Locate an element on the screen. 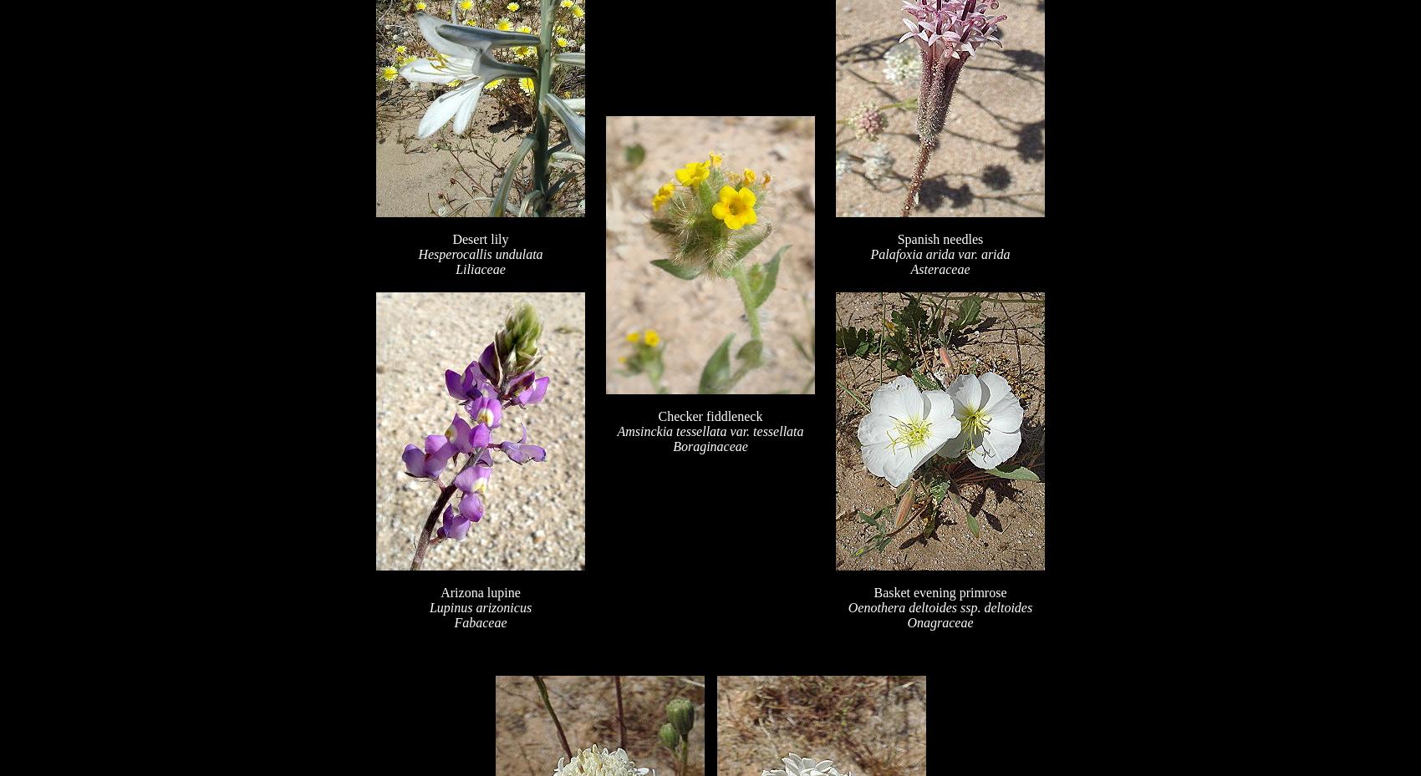 The width and height of the screenshot is (1421, 776). 'Liliaceae' is located at coordinates (479, 269).